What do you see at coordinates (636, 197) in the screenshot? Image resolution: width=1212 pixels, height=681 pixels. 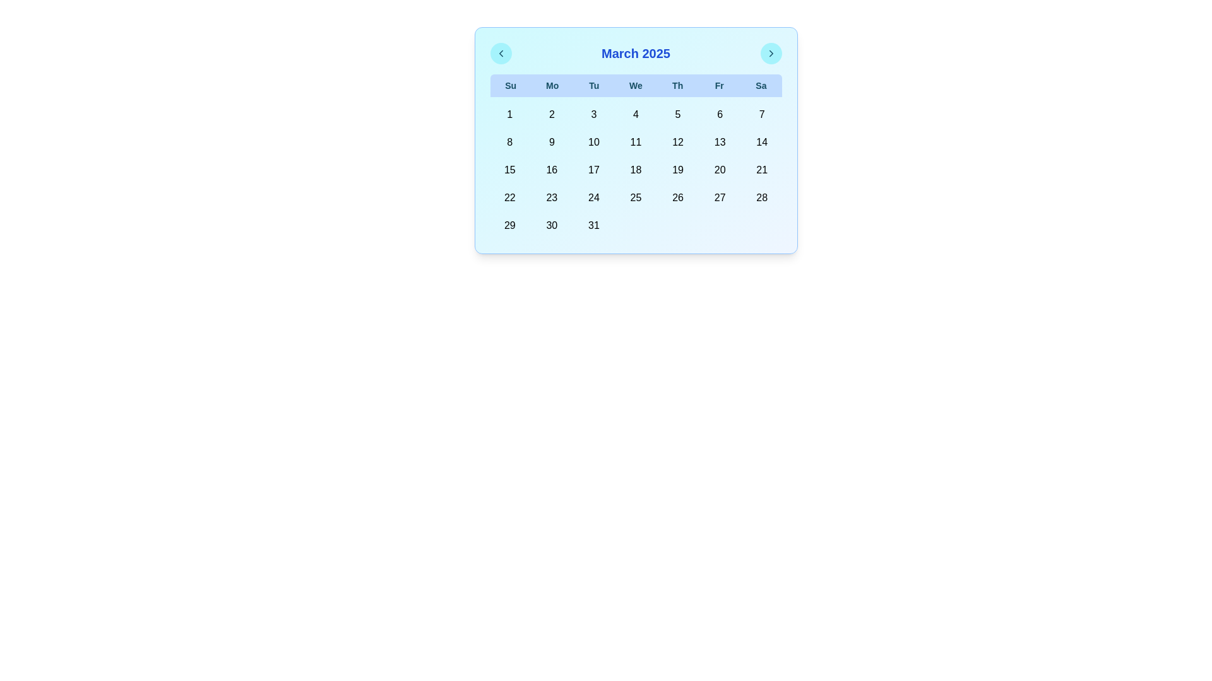 I see `the calendar date box displaying '25'` at bounding box center [636, 197].